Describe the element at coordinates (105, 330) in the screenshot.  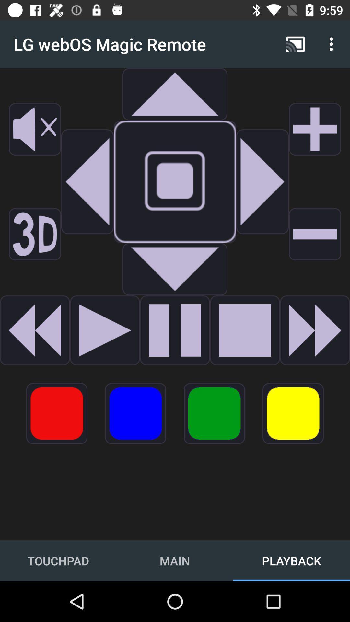
I see `option` at that location.